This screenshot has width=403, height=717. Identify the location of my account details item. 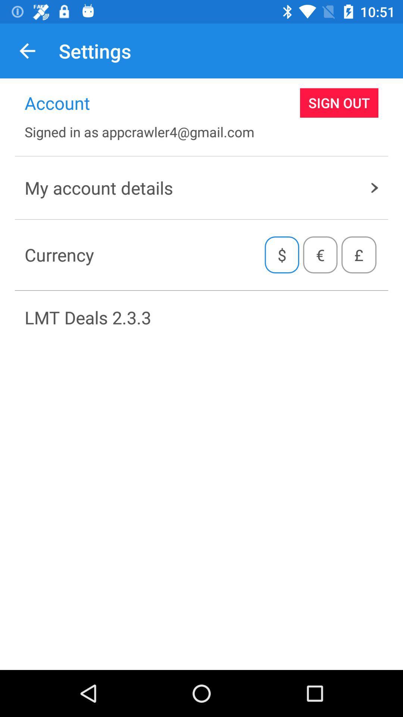
(201, 187).